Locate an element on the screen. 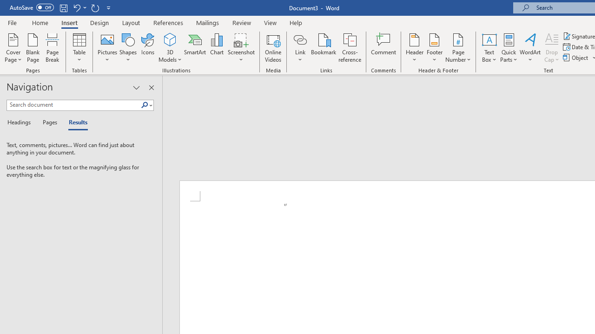 This screenshot has width=595, height=334. 'Page Number' is located at coordinates (458, 48).